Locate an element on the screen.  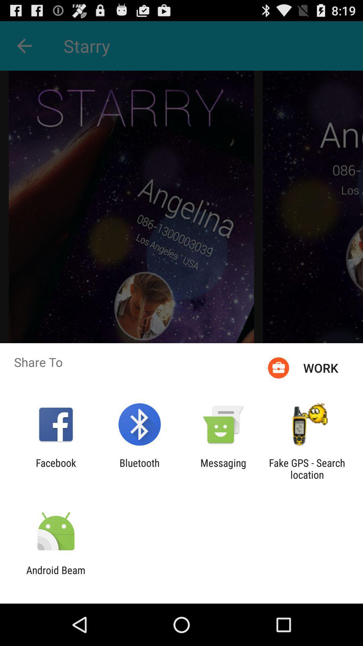
app next to the facebook item is located at coordinates (139, 468).